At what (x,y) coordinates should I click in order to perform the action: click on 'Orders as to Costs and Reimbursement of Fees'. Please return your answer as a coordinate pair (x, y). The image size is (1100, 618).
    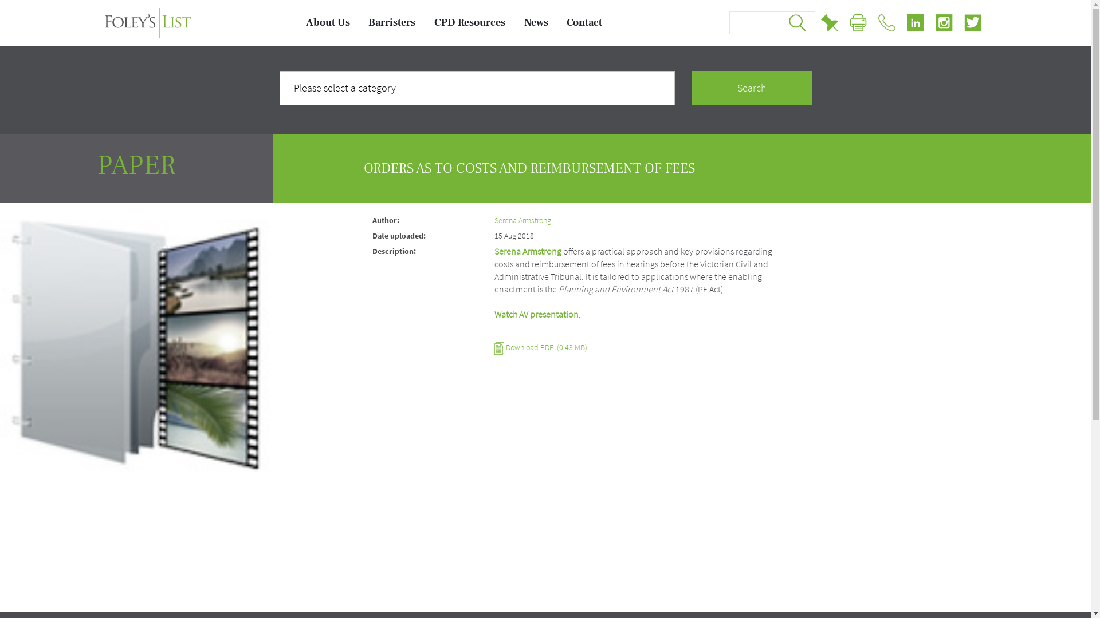
    Looking at the image, I should click on (136, 338).